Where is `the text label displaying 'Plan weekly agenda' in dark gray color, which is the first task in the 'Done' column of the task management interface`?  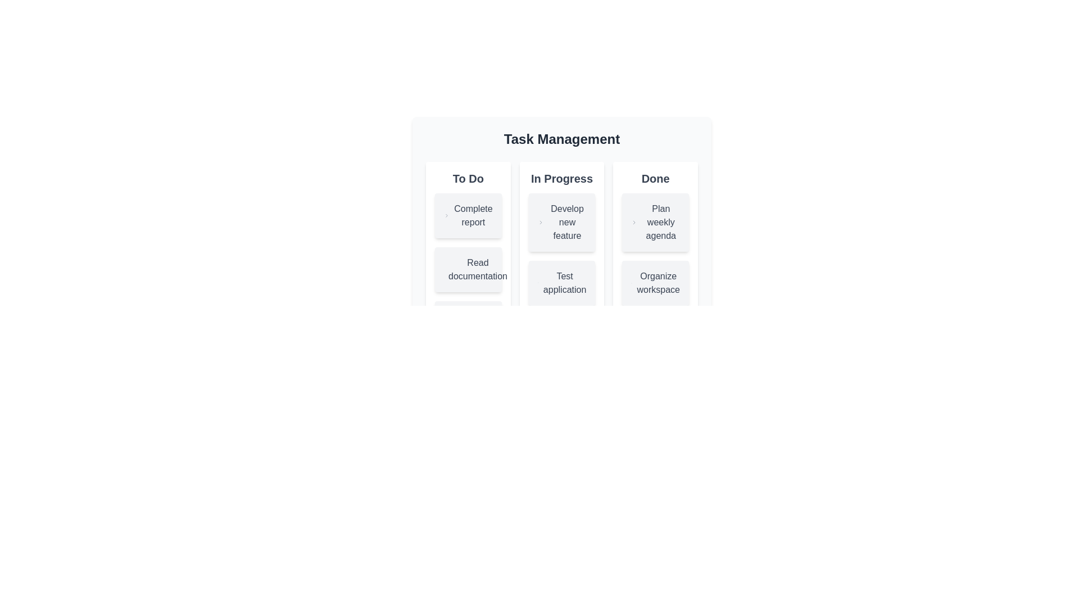 the text label displaying 'Plan weekly agenda' in dark gray color, which is the first task in the 'Done' column of the task management interface is located at coordinates (661, 223).